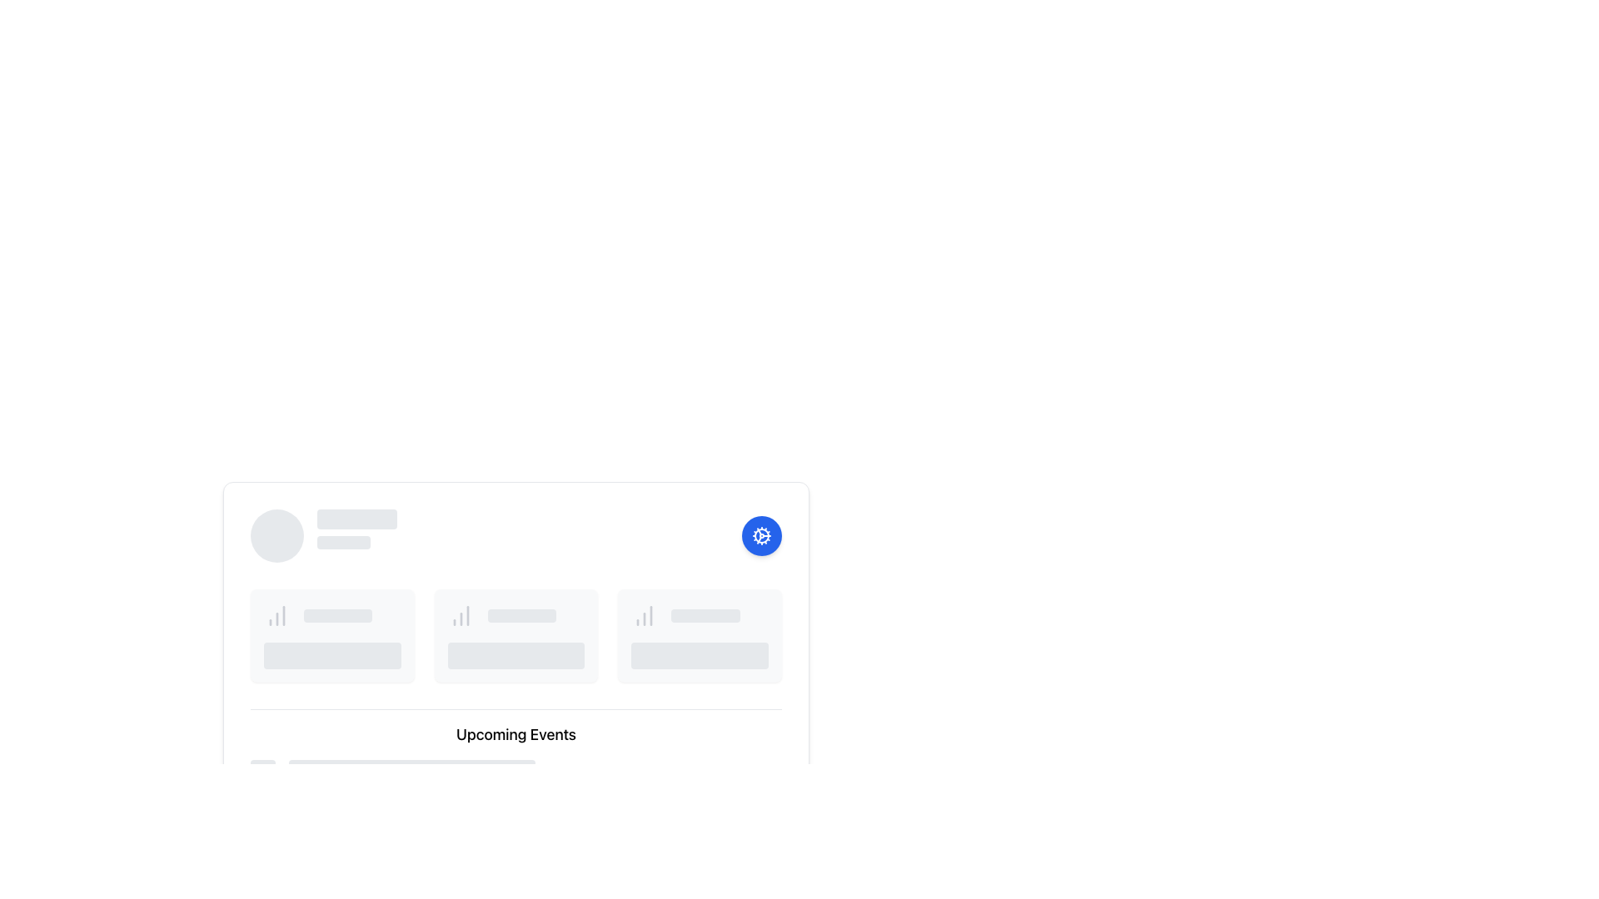  I want to click on the animated loading placeholder which is a circular region with a soft gray background and smooth rounded edges located at the far left of the horizontal row of elements, so click(276, 536).